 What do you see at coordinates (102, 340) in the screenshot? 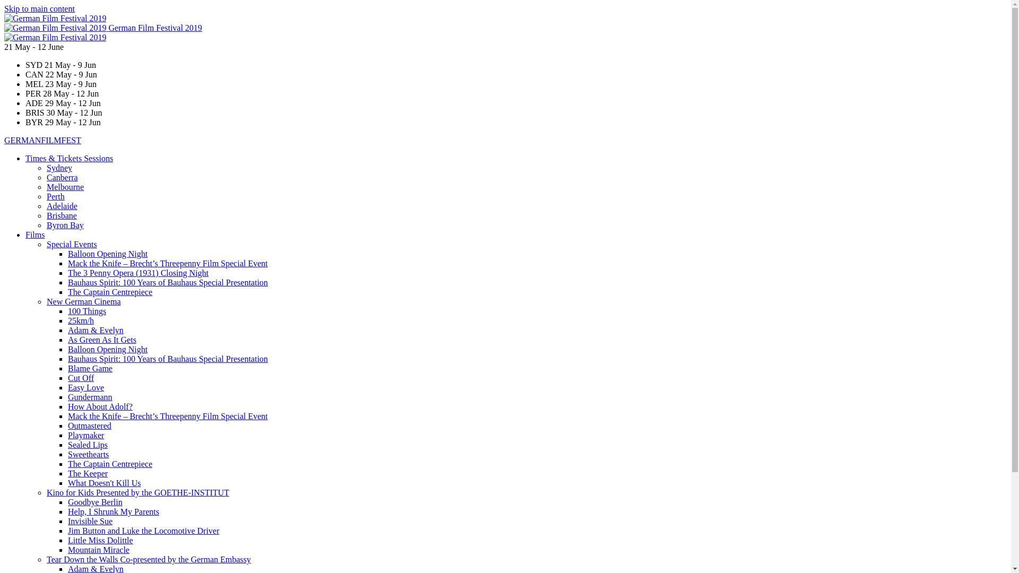
I see `'As Green As It Gets'` at bounding box center [102, 340].